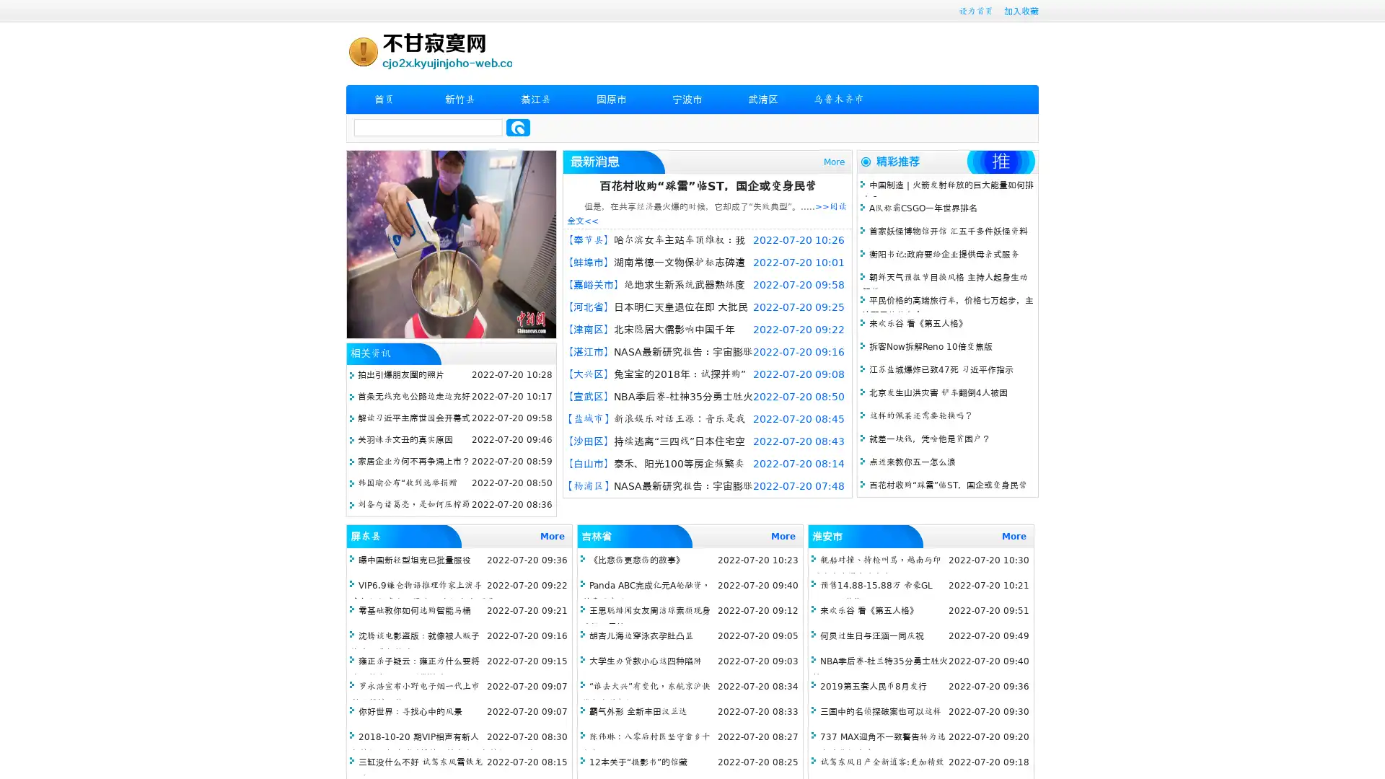  I want to click on Search, so click(518, 127).